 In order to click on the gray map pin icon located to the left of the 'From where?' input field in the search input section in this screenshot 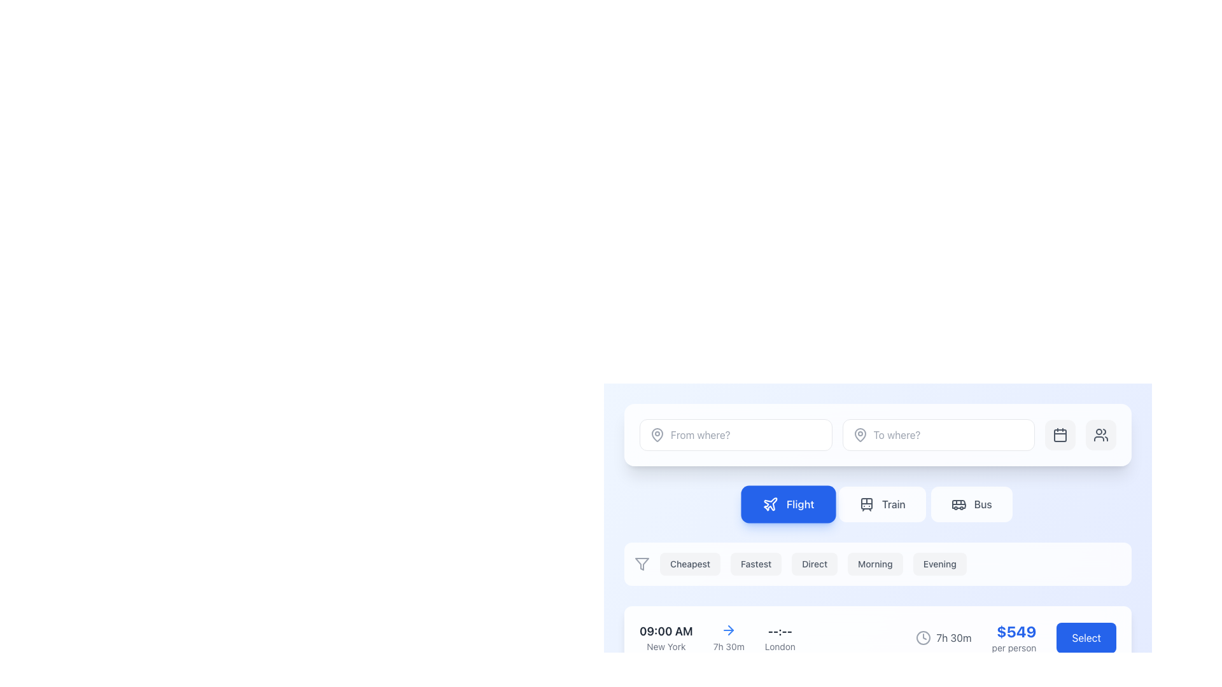, I will do `click(657, 434)`.